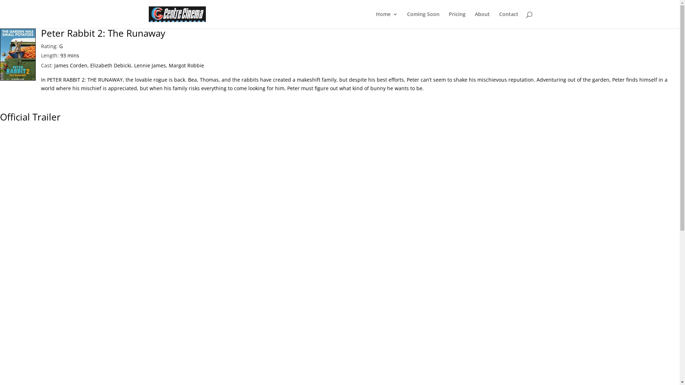 Image resolution: width=685 pixels, height=385 pixels. Describe the element at coordinates (386, 20) in the screenshot. I see `'Home'` at that location.